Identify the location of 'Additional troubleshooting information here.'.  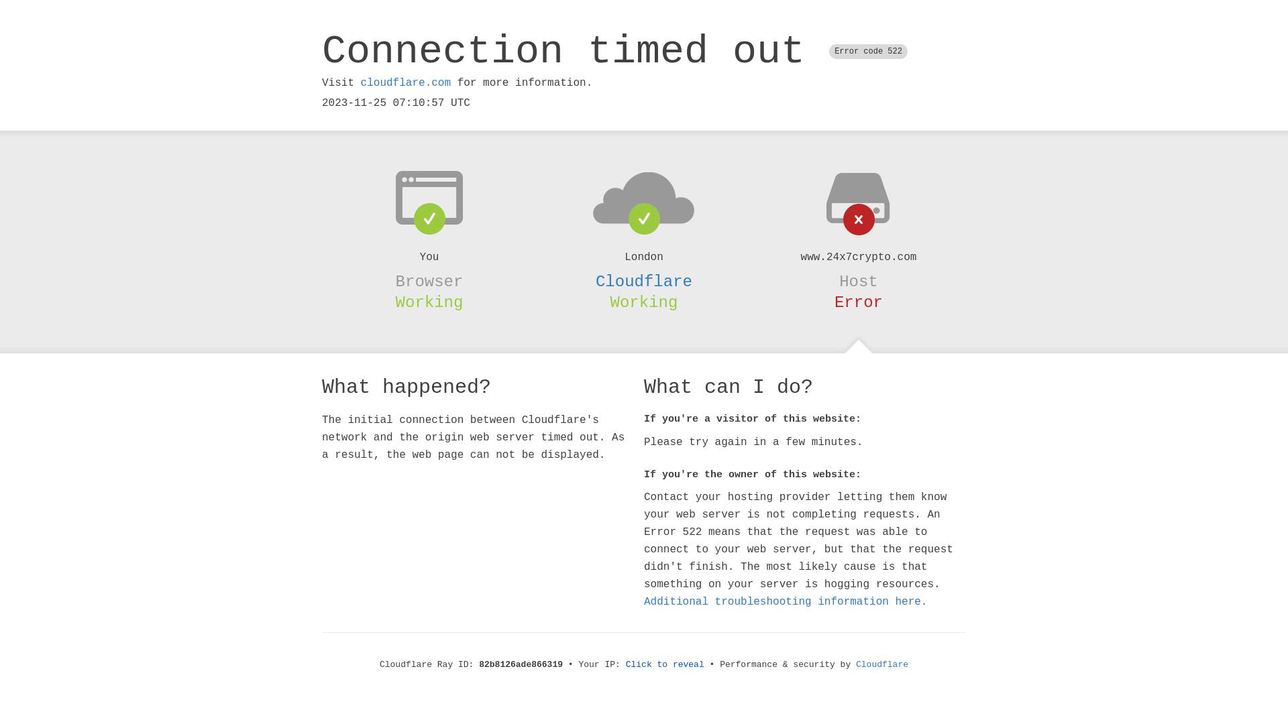
(786, 601).